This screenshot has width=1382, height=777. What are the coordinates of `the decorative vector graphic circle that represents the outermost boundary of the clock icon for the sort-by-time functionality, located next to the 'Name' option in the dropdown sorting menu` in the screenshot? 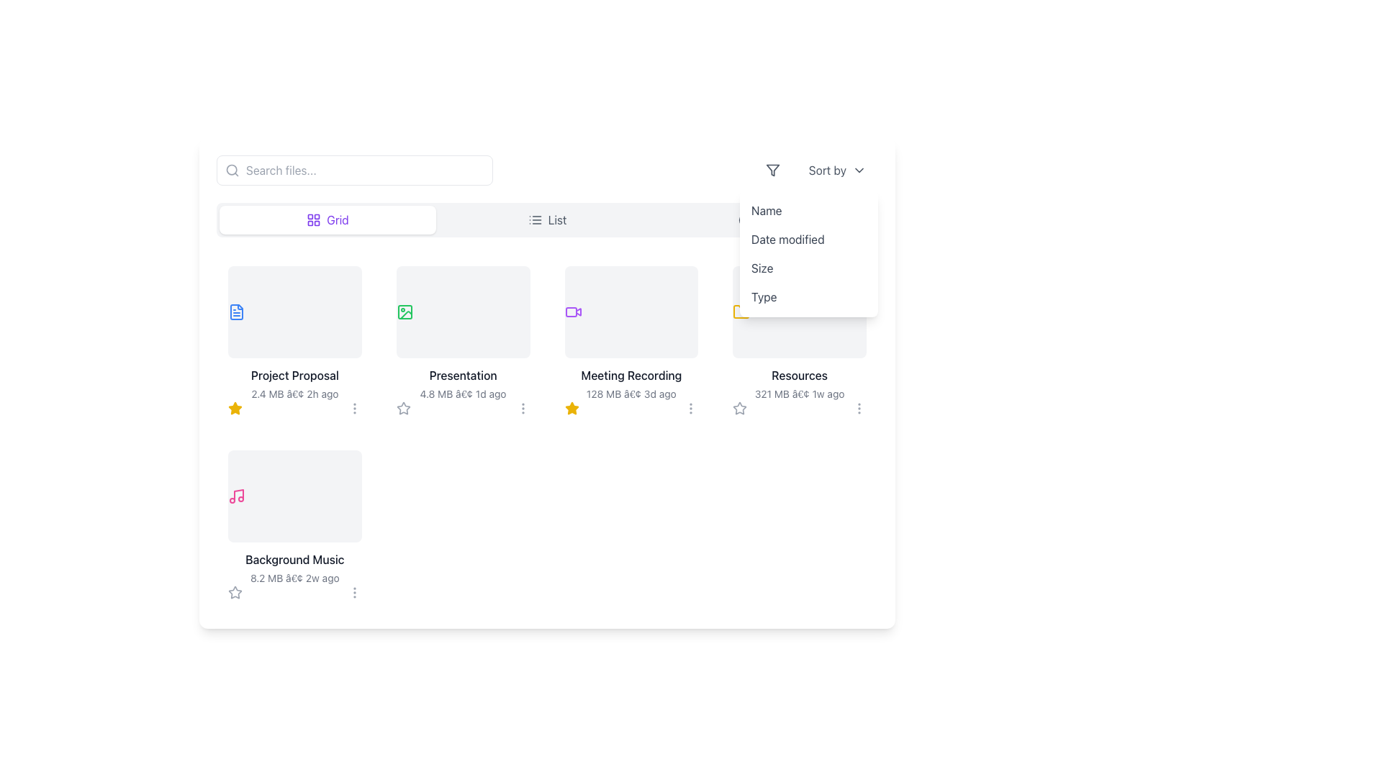 It's located at (746, 219).